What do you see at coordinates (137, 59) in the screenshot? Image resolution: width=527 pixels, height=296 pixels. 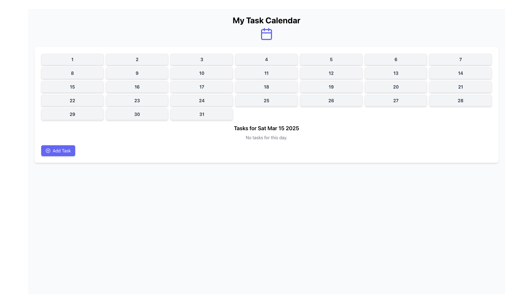 I see `the selectable date button positioned in the first row of the grid, adjacent to buttons labeled '1' and '3', to trigger hover styles` at bounding box center [137, 59].